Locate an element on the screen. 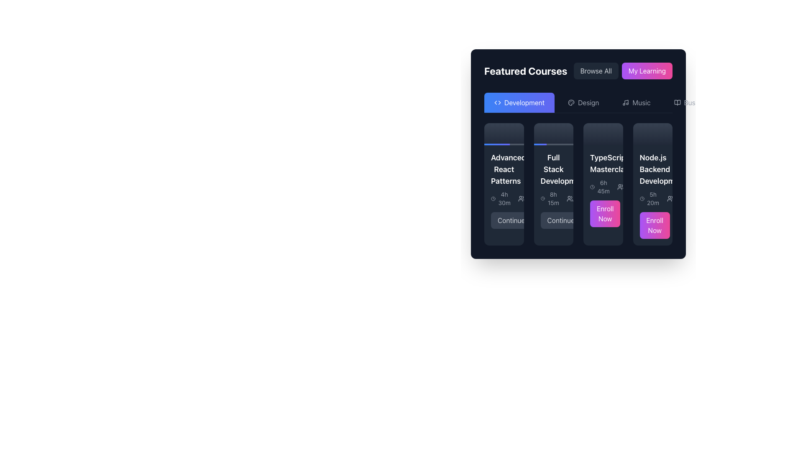 The image size is (803, 451). text from the bold, white font text label that displays 'TypeScript Masterclass' located at the top of the card under the 'Development' section in the 'Featured Courses' area is located at coordinates (603, 164).